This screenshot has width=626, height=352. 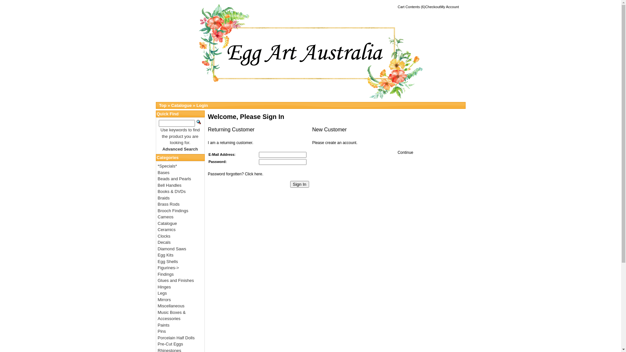 What do you see at coordinates (168, 261) in the screenshot?
I see `'Egg Shells'` at bounding box center [168, 261].